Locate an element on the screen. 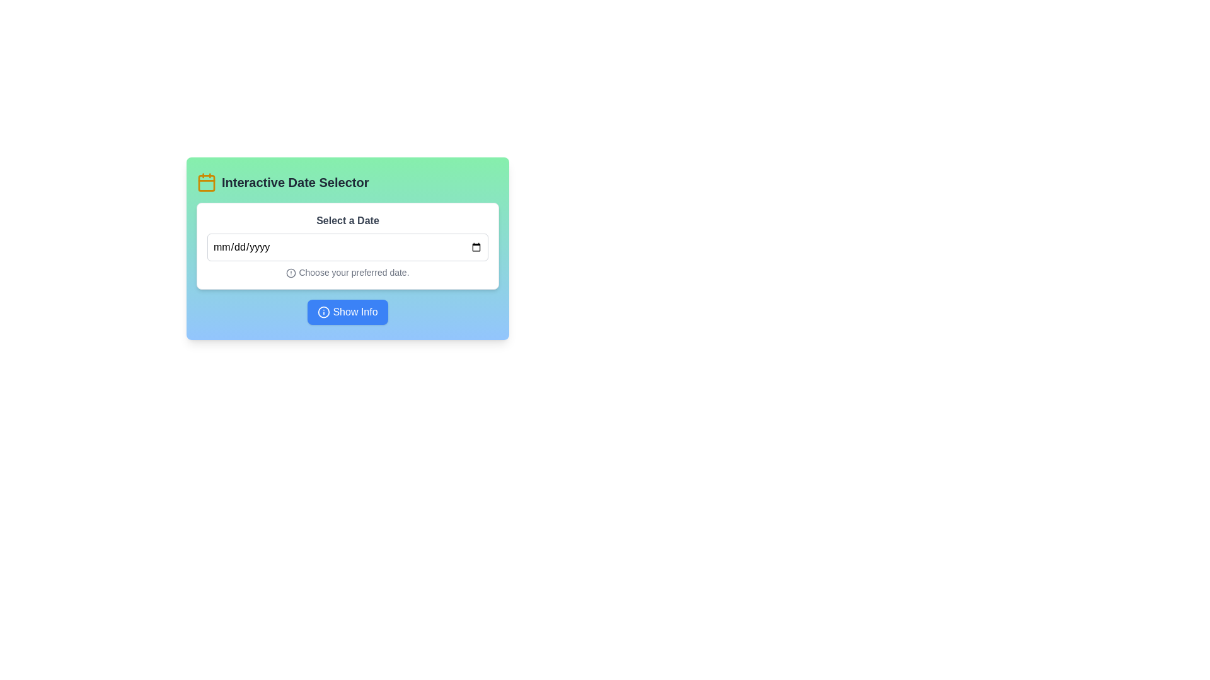  the SVG circle element located within the 'Show Info' button, which is styled as an informational icon and positioned slightly below the button's label is located at coordinates (324, 312).